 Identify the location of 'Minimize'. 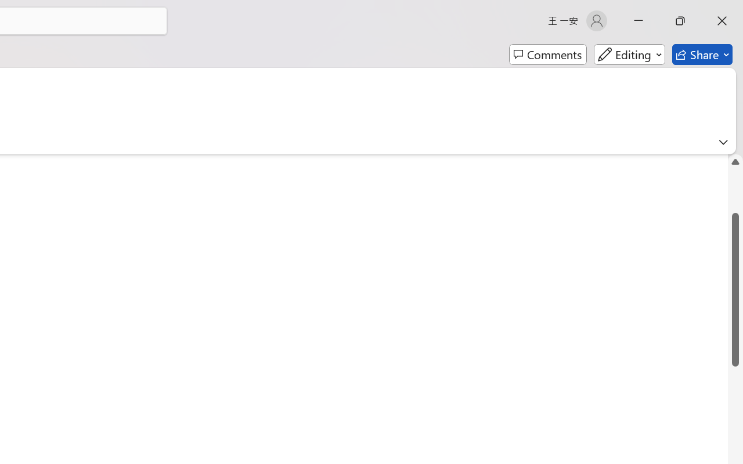
(638, 20).